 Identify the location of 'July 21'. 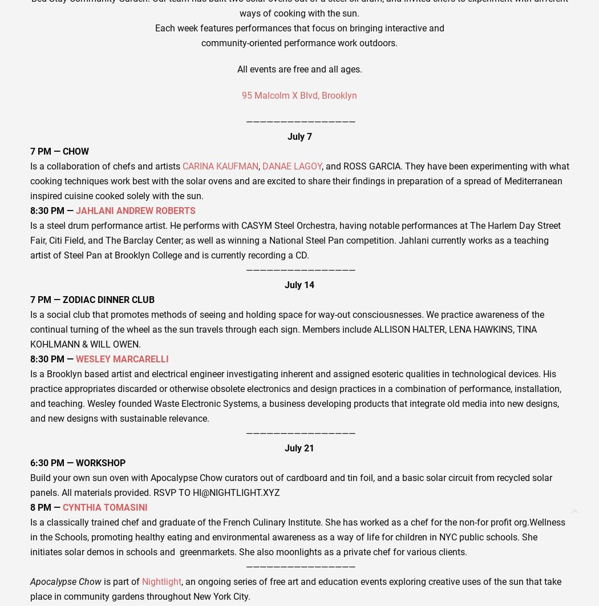
(299, 447).